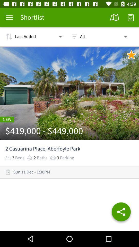 Image resolution: width=139 pixels, height=247 pixels. I want to click on the icon left to the text last added, so click(7, 36).